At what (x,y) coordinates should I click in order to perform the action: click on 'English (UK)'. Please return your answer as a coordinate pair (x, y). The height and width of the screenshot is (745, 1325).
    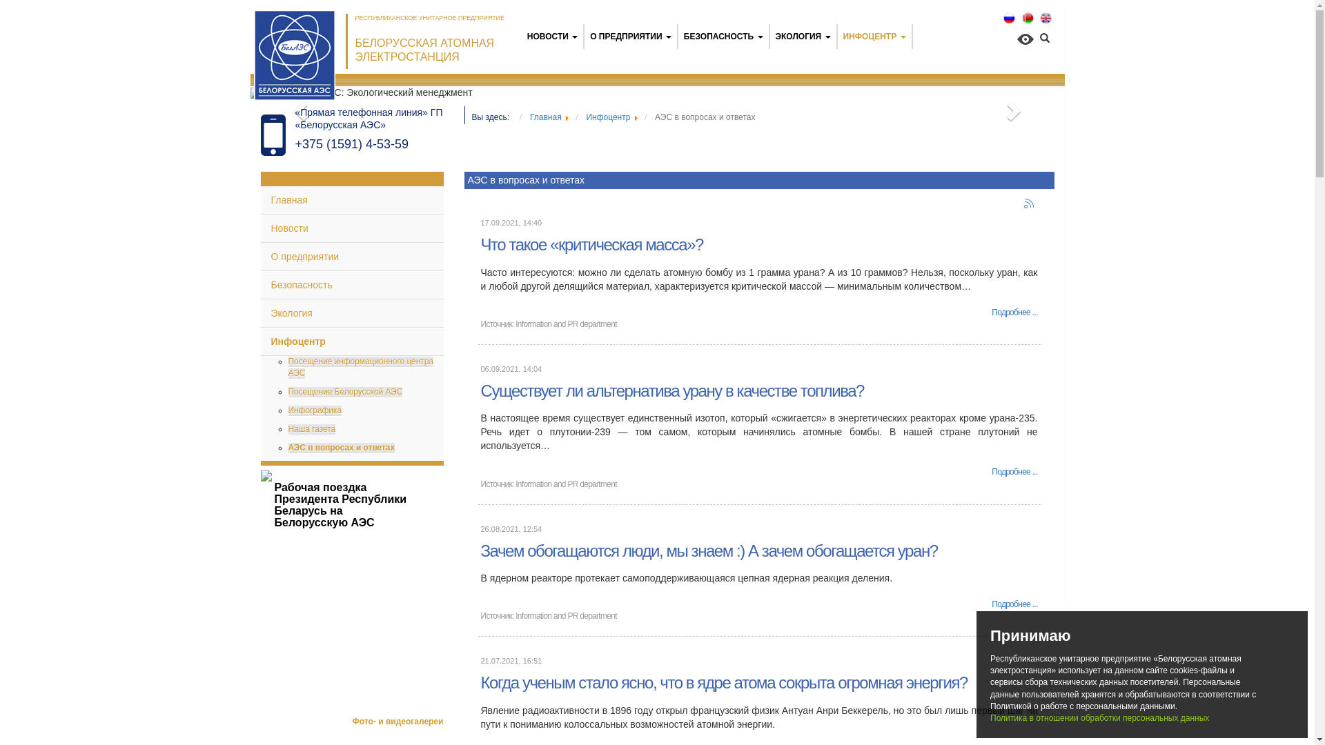
    Looking at the image, I should click on (1046, 18).